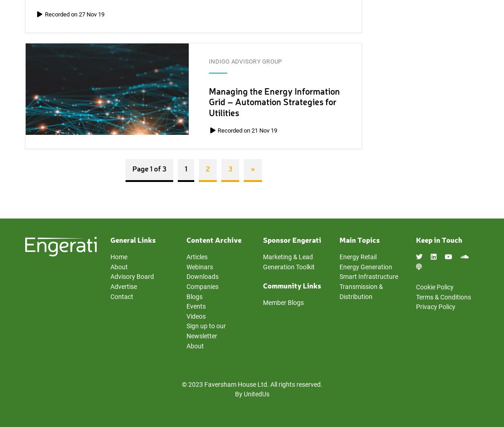 The height and width of the screenshot is (427, 504). I want to click on 'Community Links', so click(292, 286).